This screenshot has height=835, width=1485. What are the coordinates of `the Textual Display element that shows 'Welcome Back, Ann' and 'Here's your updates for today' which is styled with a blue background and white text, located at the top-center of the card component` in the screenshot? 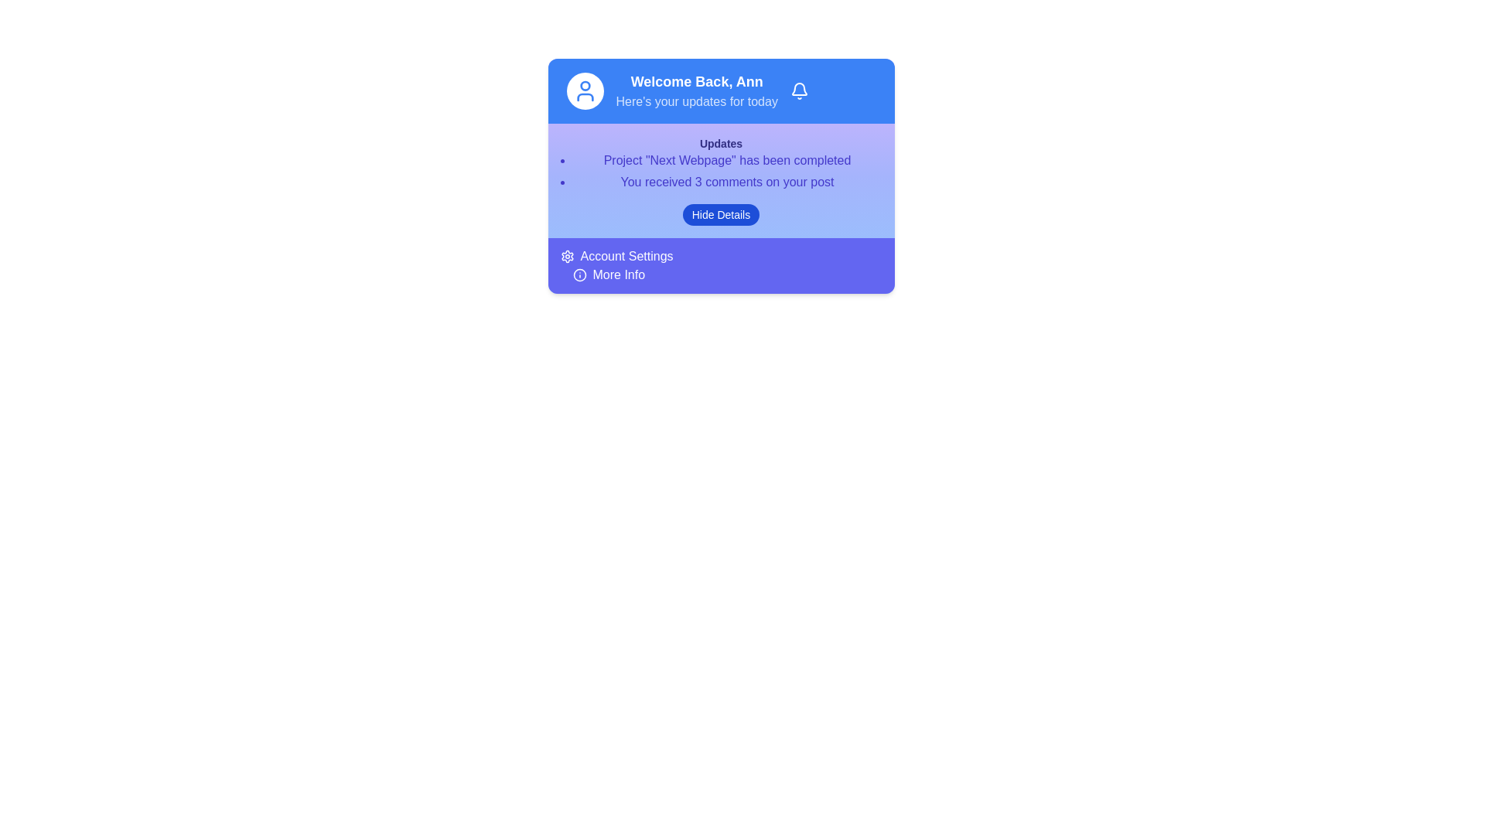 It's located at (696, 91).